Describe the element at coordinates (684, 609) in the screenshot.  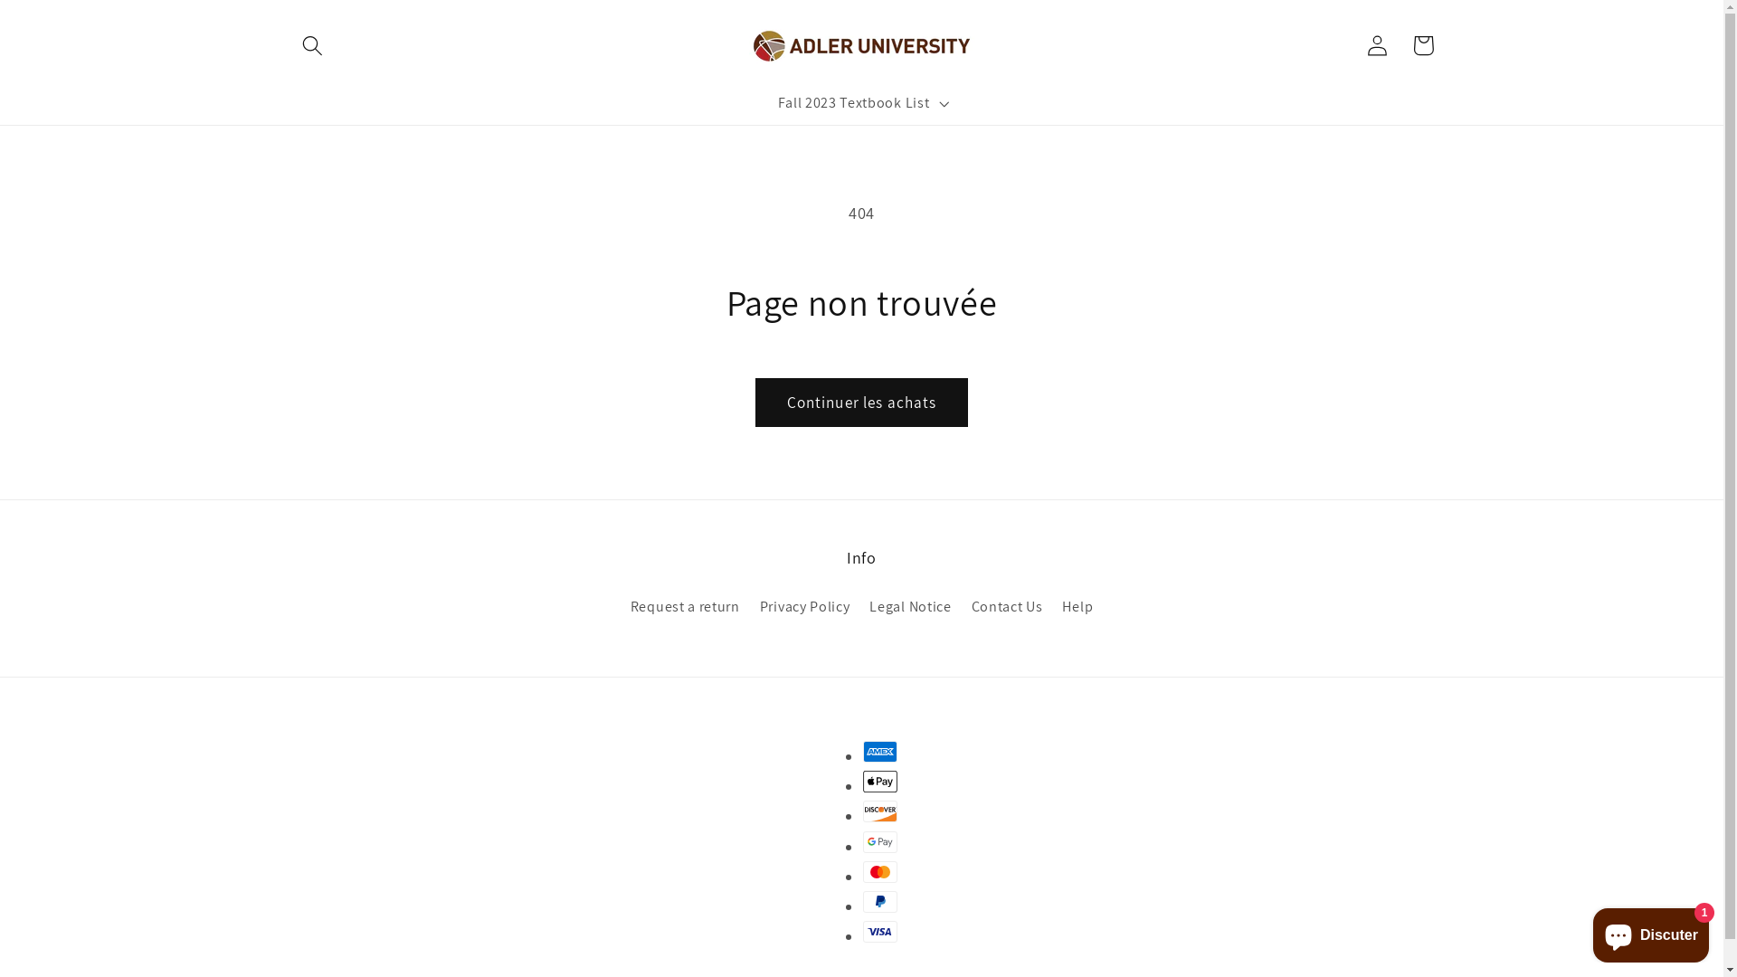
I see `'Request a return'` at that location.